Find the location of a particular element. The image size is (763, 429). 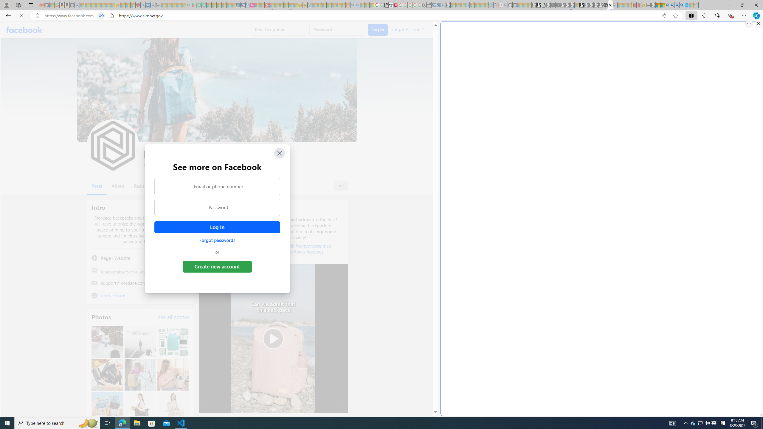

'Home | Sky Blue Bikes - Sky Blue Bikes - Sleeping' is located at coordinates (491, 5).